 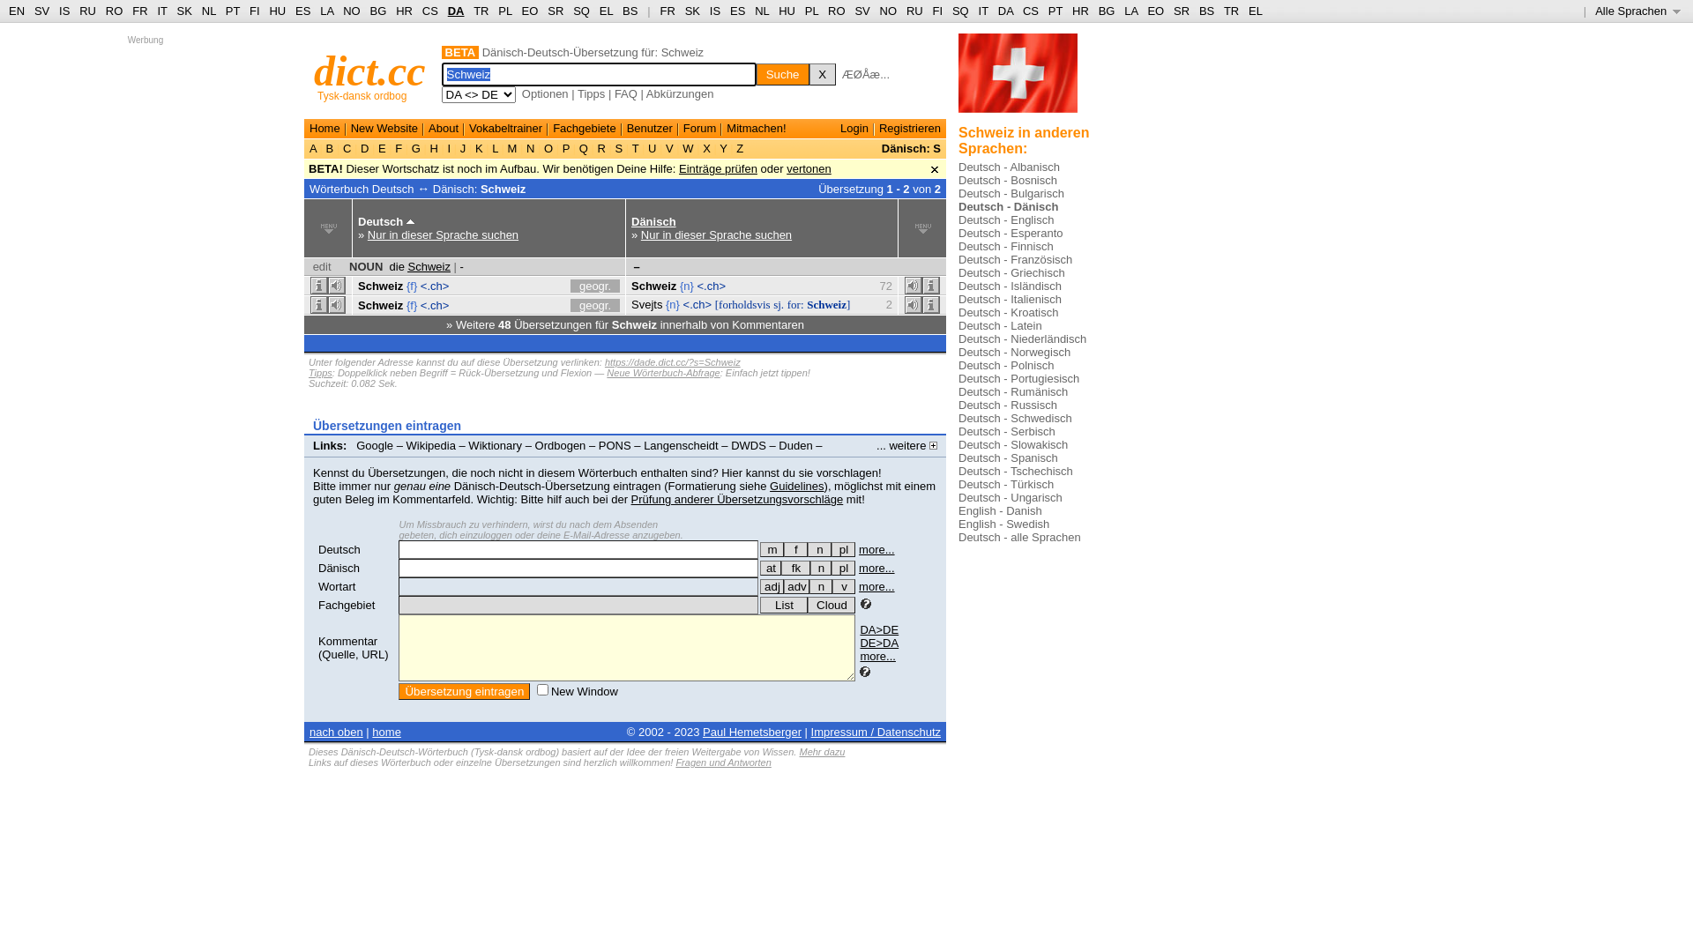 What do you see at coordinates (606, 11) in the screenshot?
I see `'EL'` at bounding box center [606, 11].